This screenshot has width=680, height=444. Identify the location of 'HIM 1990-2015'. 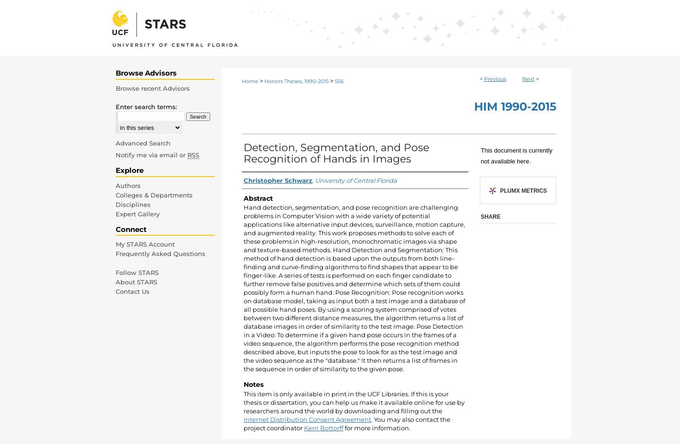
(514, 106).